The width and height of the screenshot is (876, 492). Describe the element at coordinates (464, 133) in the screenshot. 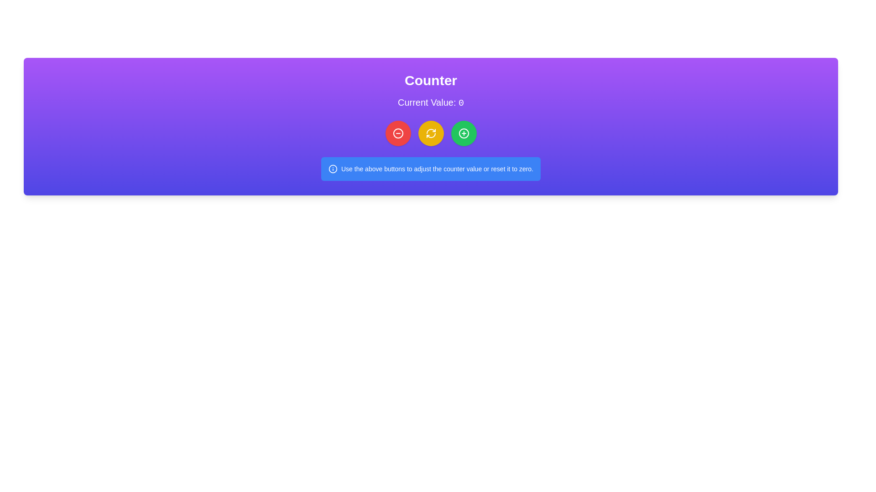

I see `the circular green button with a white border and a white plus icon in the center to increment the counter` at that location.